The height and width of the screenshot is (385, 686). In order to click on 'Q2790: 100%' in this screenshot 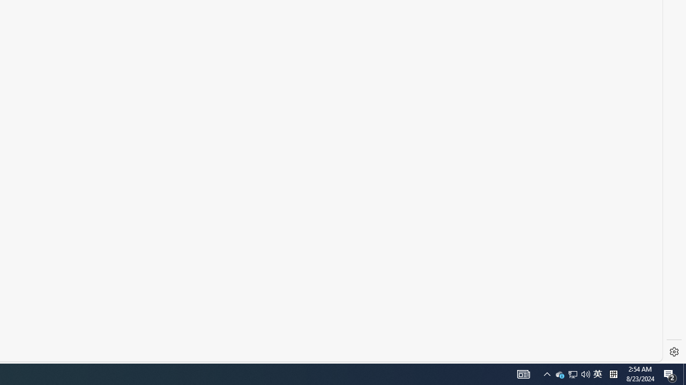, I will do `click(585, 373)`.